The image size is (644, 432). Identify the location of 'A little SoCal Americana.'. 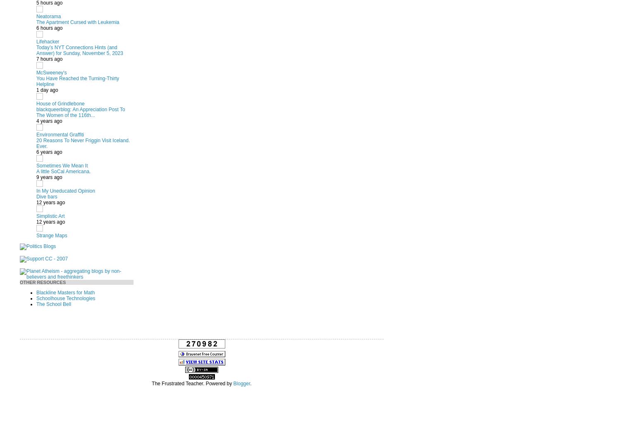
(63, 171).